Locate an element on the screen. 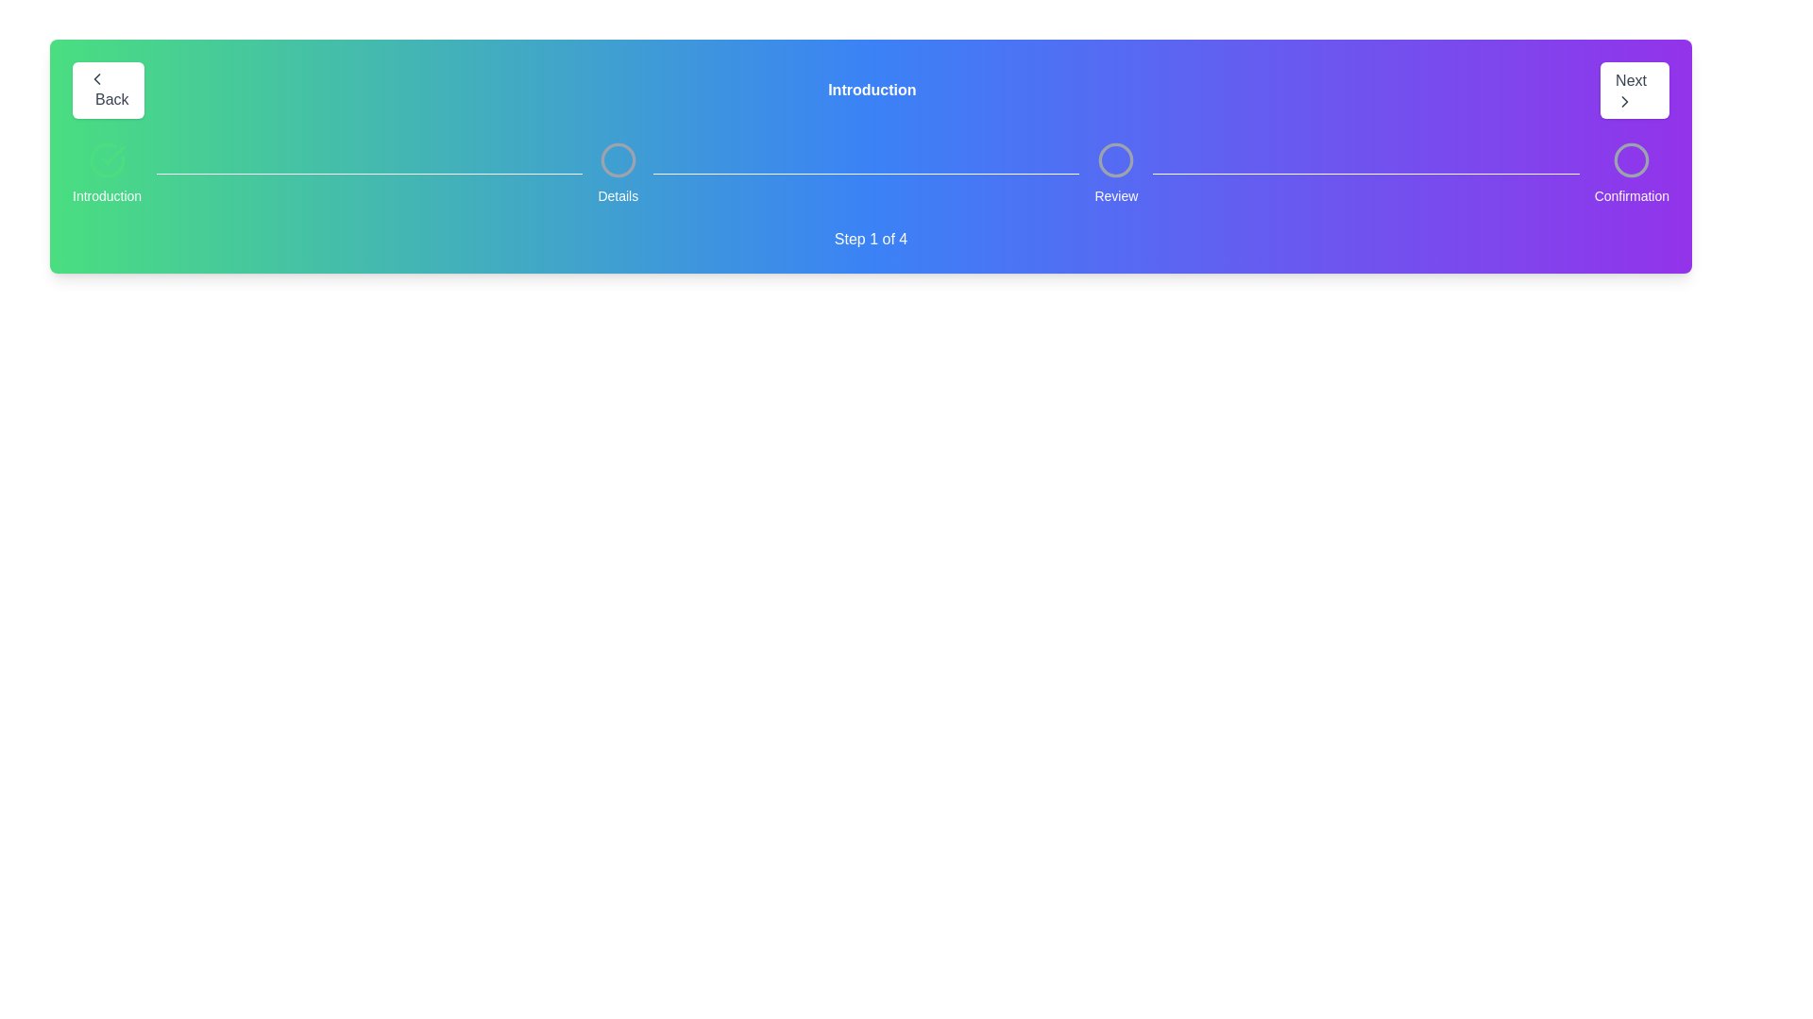  the right-pointing arrow icon within the 'Next' button to proceed forward is located at coordinates (1624, 102).